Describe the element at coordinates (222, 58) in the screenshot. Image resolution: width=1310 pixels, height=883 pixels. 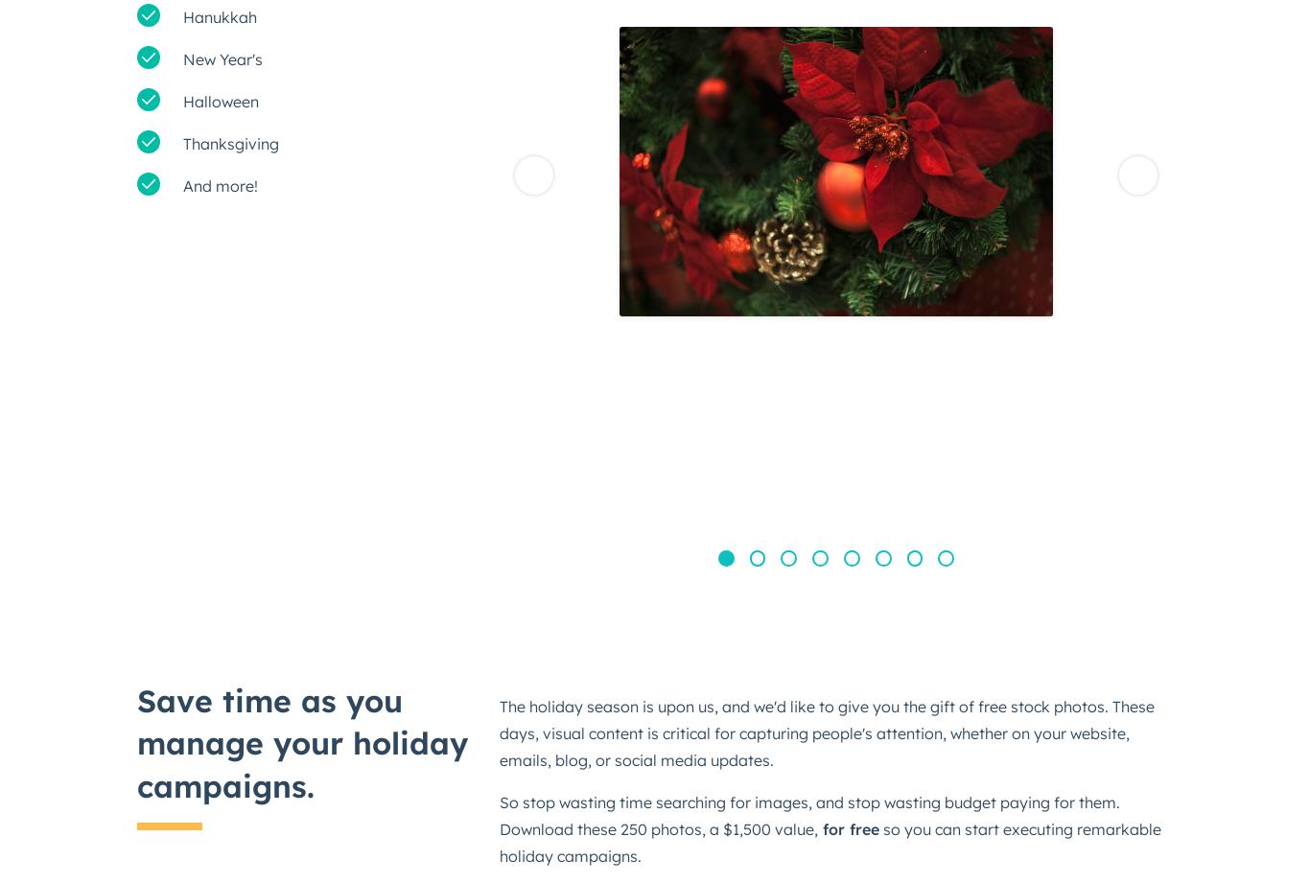
I see `'New Year's'` at that location.